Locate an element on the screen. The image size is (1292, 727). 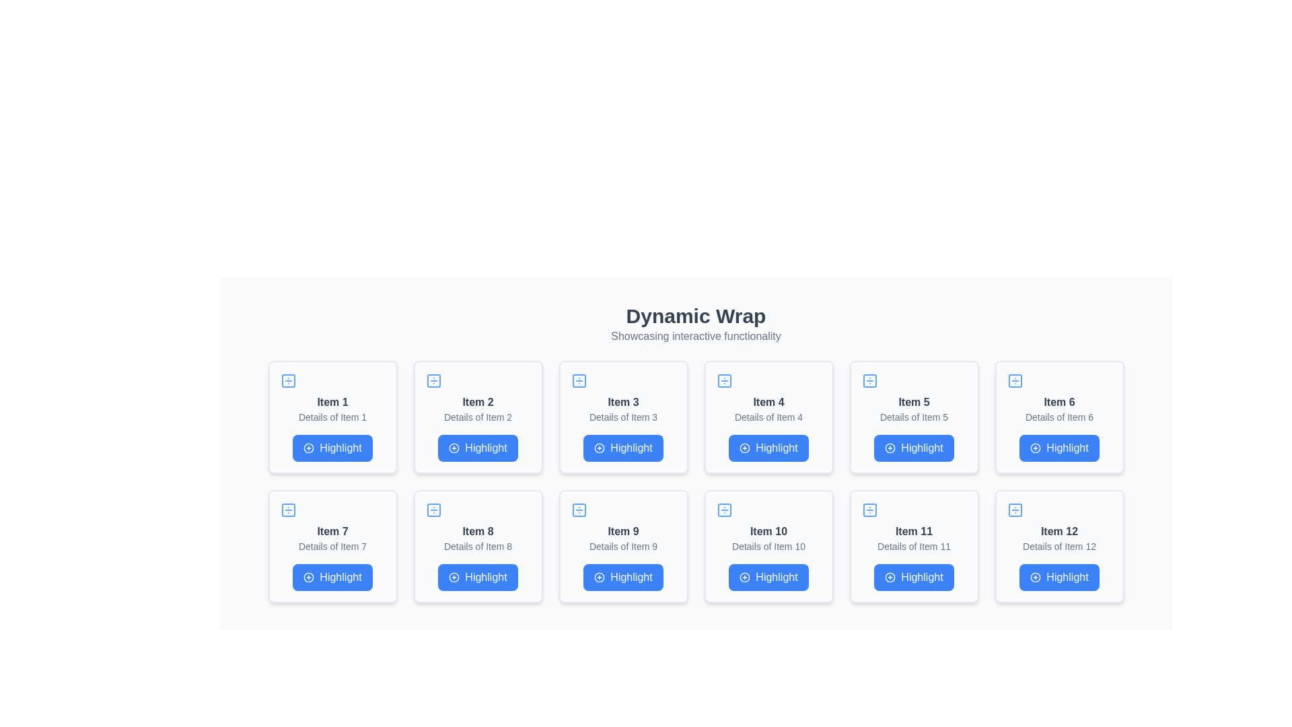
the static text element that displays 'Details of Item 10', which is located below the title 'Item 10' and above the 'Highlight' button in the card labeled 'Item 10' is located at coordinates (768, 547).